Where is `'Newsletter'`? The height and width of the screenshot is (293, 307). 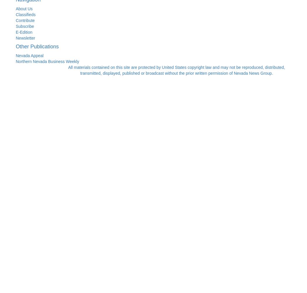 'Newsletter' is located at coordinates (25, 38).